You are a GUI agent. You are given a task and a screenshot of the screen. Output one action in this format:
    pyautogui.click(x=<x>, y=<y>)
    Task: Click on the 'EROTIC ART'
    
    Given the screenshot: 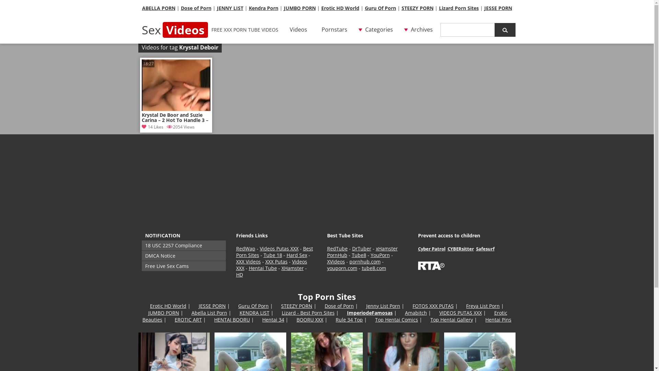 What is the action you would take?
    pyautogui.click(x=188, y=319)
    